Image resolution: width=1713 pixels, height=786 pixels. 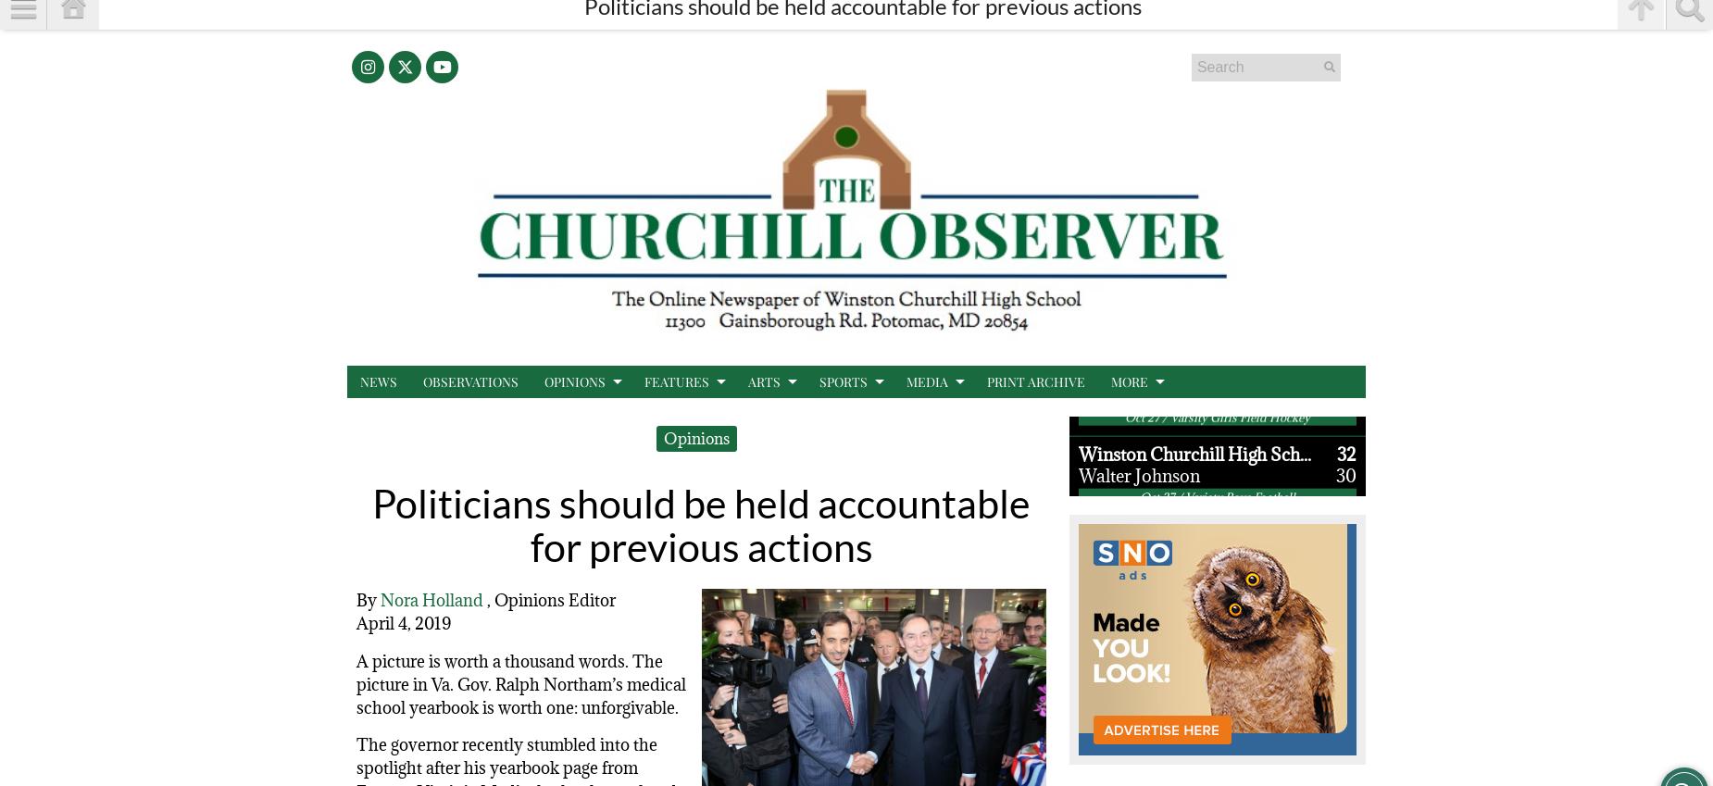 I want to click on 'Politicians should be held accountable for previous actions', so click(x=701, y=524).